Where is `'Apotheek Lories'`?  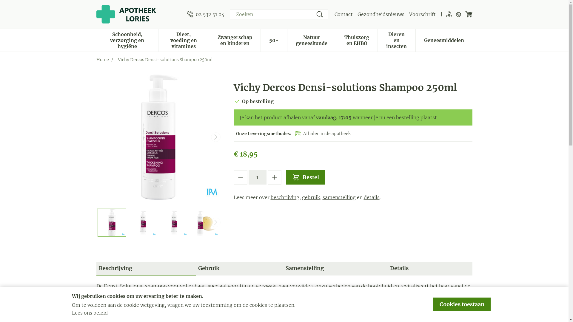
'Apotheek Lories' is located at coordinates (126, 14).